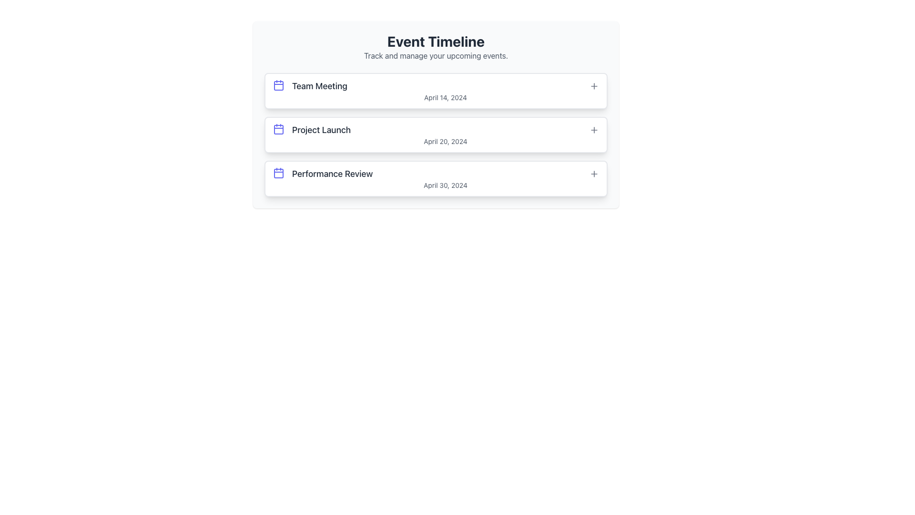 This screenshot has height=515, width=915. I want to click on the 'Performance Review' text label in the third row of scheduled items to initiate the related action, so click(332, 174).